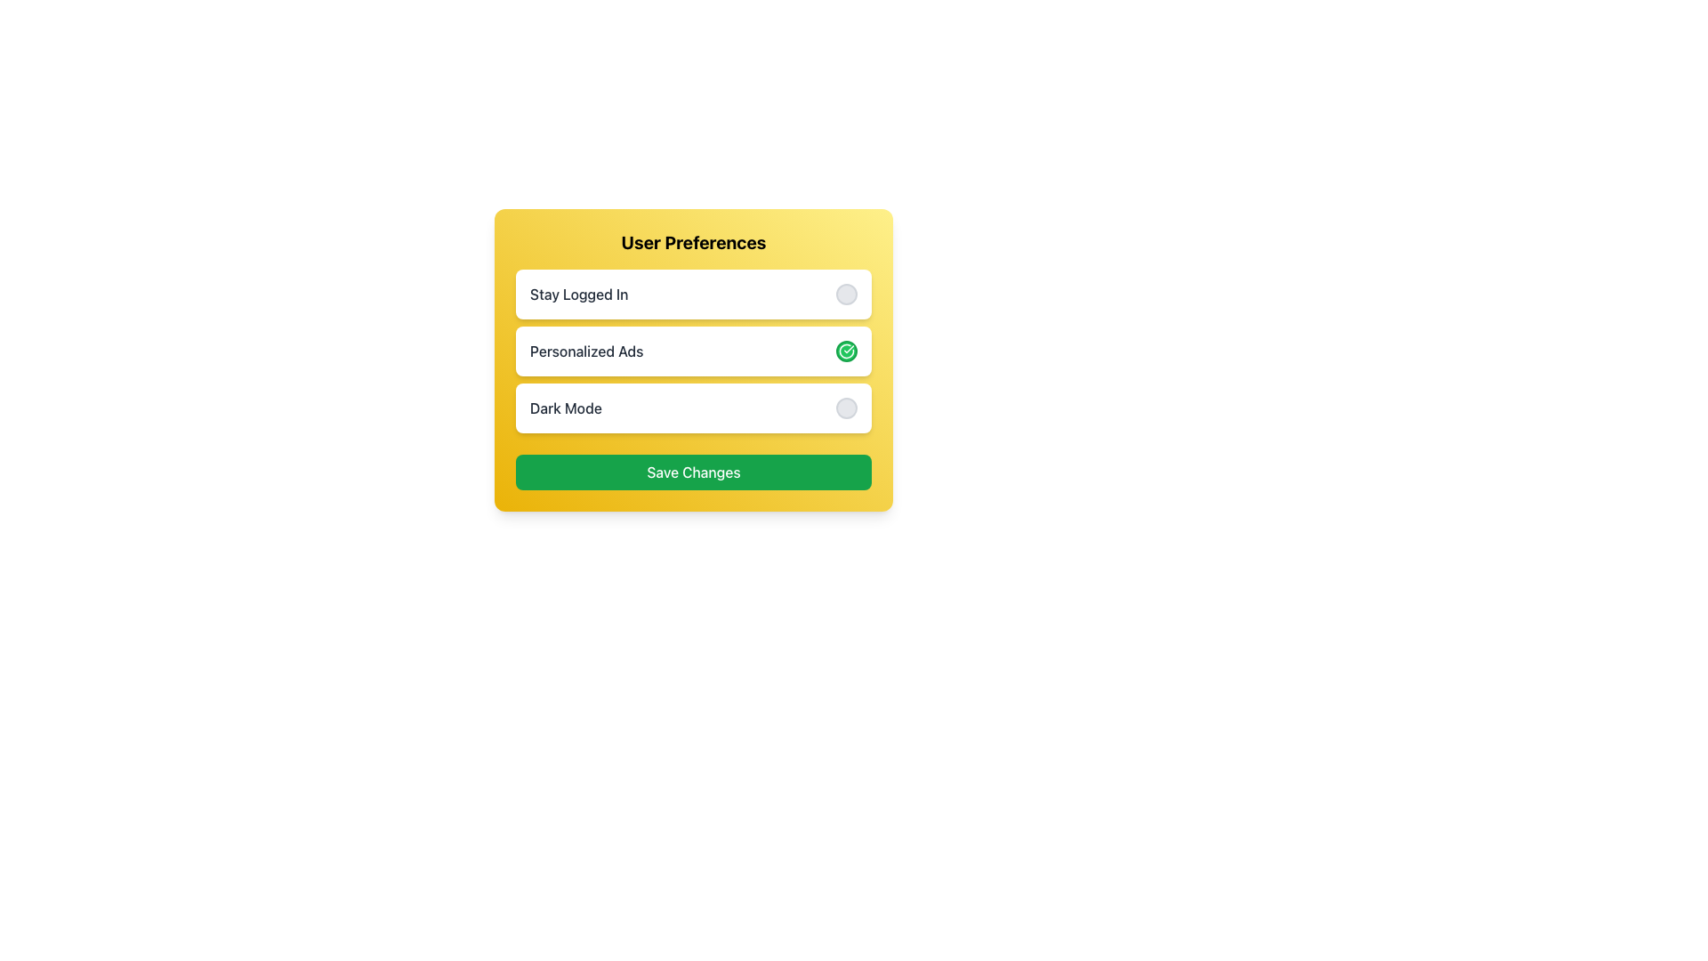  What do you see at coordinates (845, 408) in the screenshot?
I see `the toggle button for 'Dark Mode' using keyboard navigation` at bounding box center [845, 408].